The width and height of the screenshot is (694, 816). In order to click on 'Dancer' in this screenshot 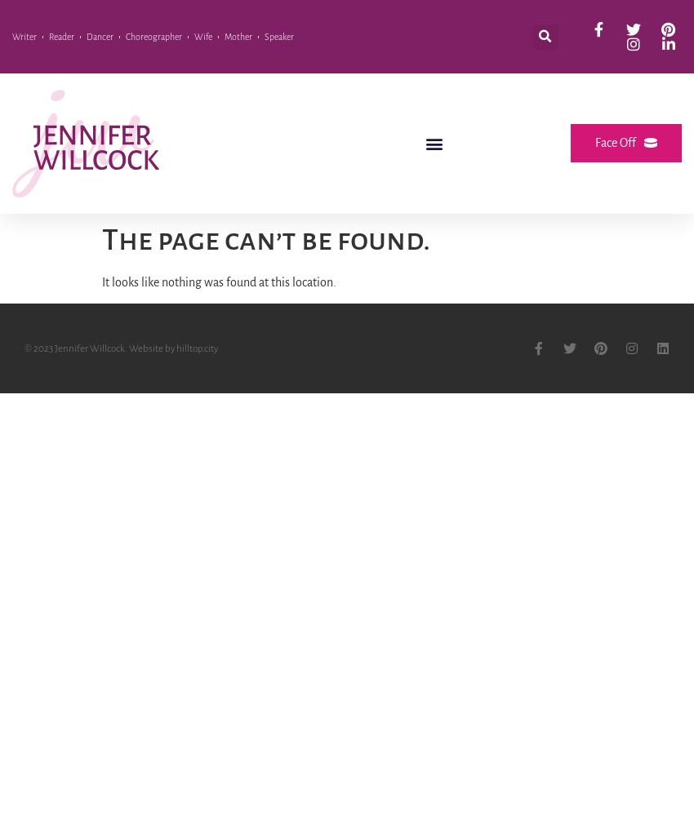, I will do `click(99, 37)`.